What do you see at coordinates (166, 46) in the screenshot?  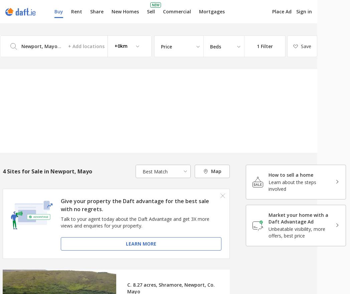 I see `'Price'` at bounding box center [166, 46].